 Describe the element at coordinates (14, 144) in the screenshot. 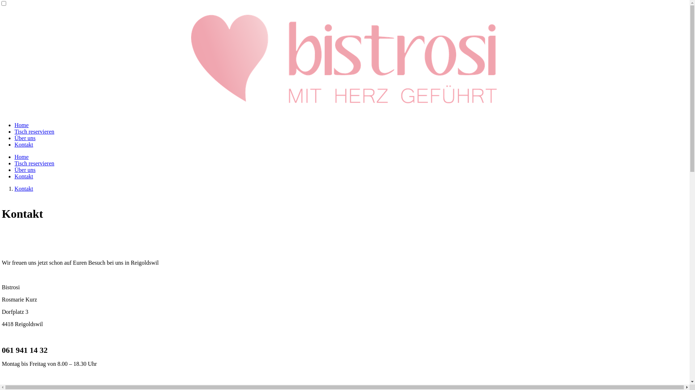

I see `'Kontakt'` at that location.